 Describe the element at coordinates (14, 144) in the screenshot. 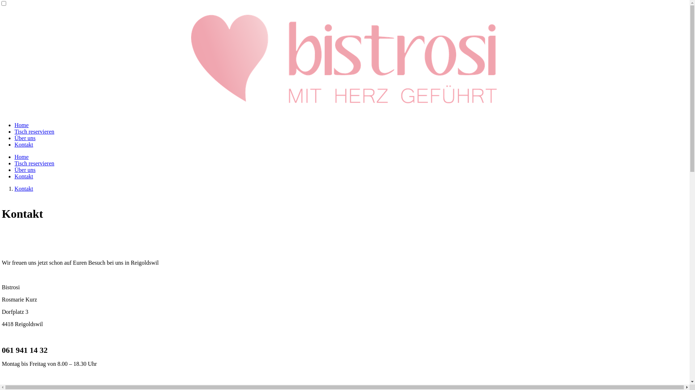

I see `'Kontakt'` at that location.